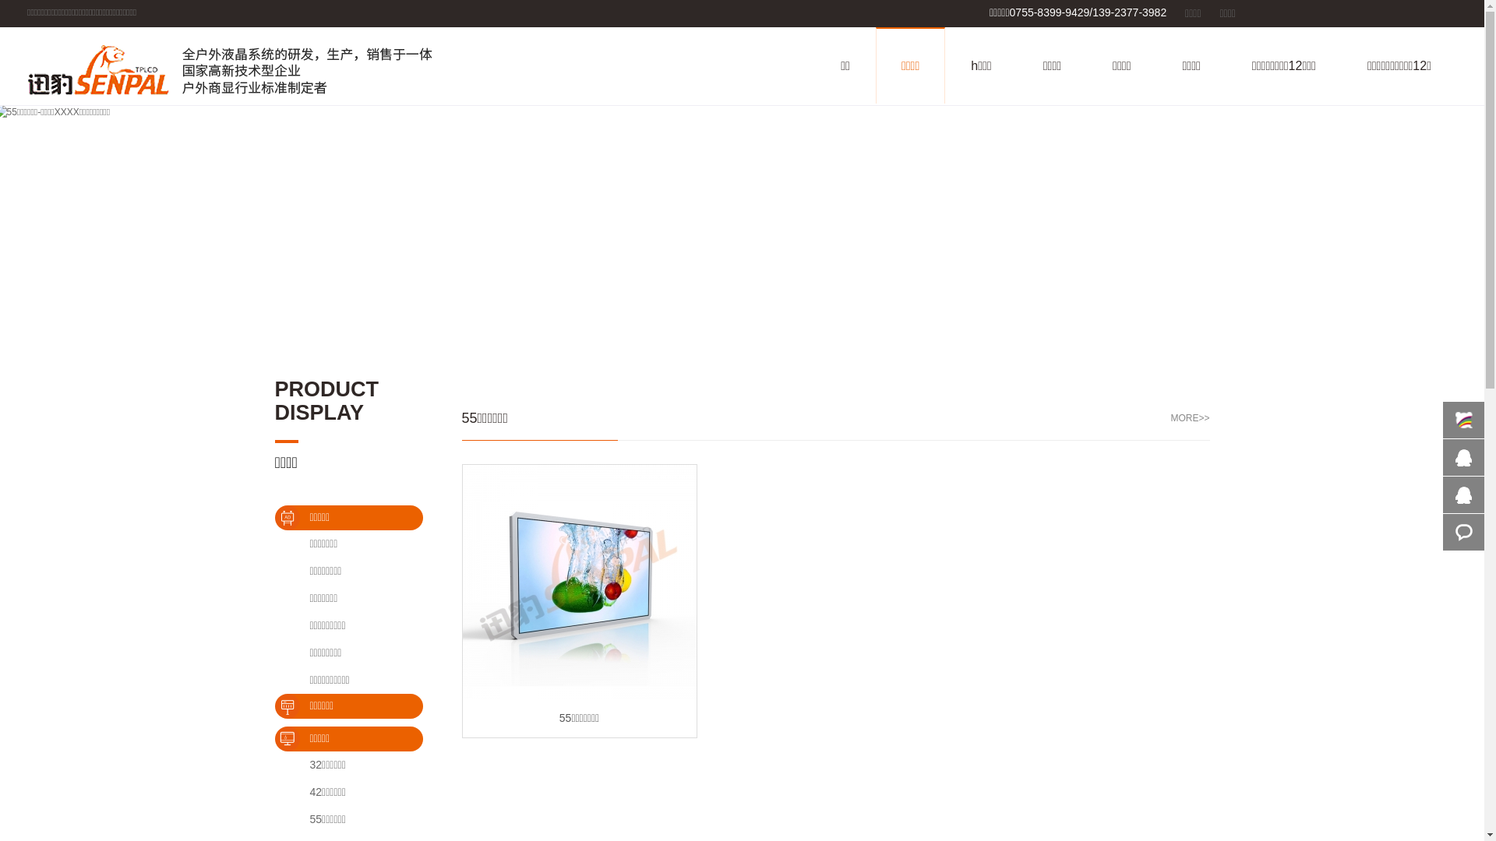  I want to click on 'MORE>>', so click(1188, 417).